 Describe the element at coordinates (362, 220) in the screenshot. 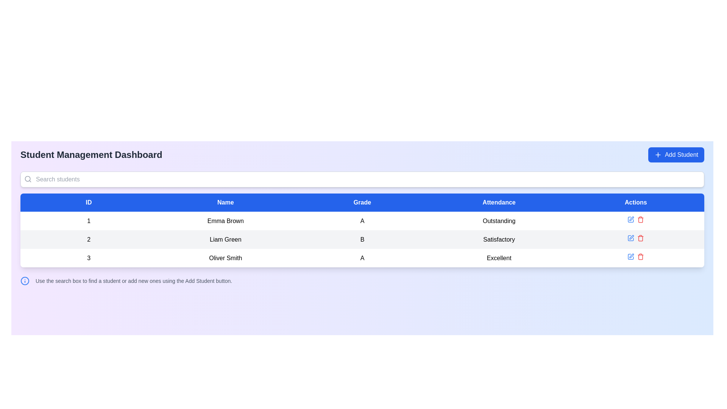

I see `the first row of the student management dashboard table containing ID '1', Name 'Emma Brown', Grade 'A', and Attendance 'Outstanding' for keyboard navigation` at that location.